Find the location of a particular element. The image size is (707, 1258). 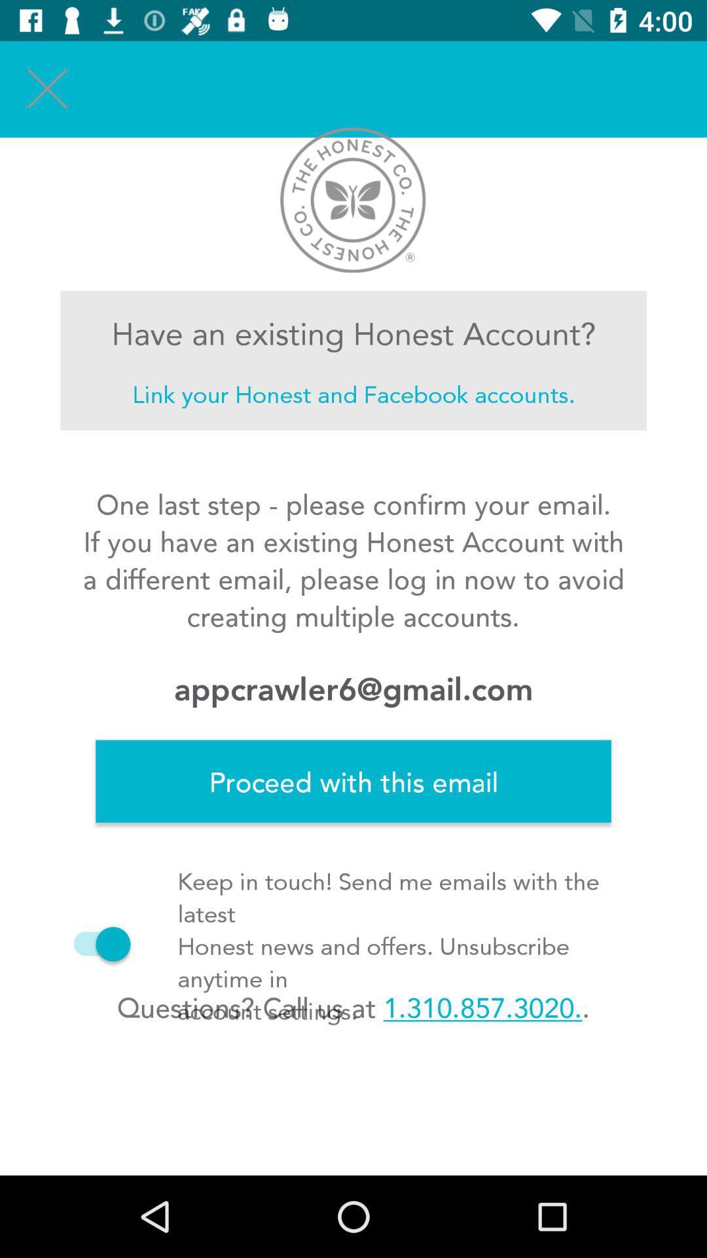

the item below the appcrawler6@gmail.com item is located at coordinates (353, 781).